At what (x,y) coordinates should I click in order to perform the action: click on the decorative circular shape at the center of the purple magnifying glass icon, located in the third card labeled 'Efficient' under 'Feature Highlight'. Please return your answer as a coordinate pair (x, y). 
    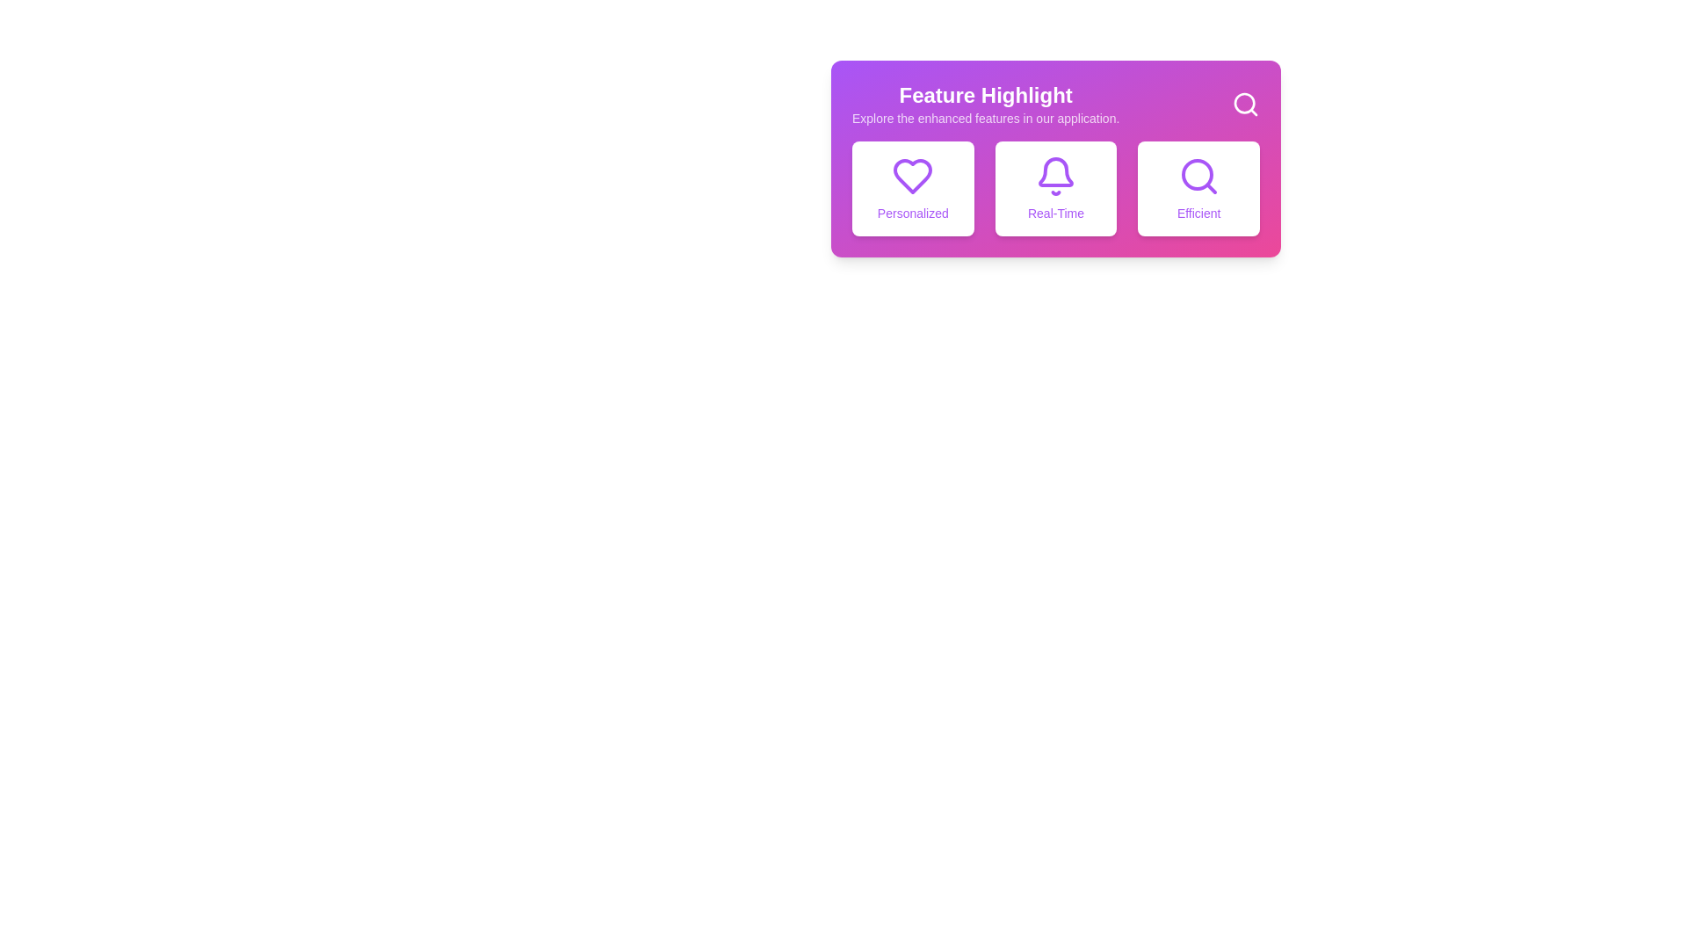
    Looking at the image, I should click on (1196, 175).